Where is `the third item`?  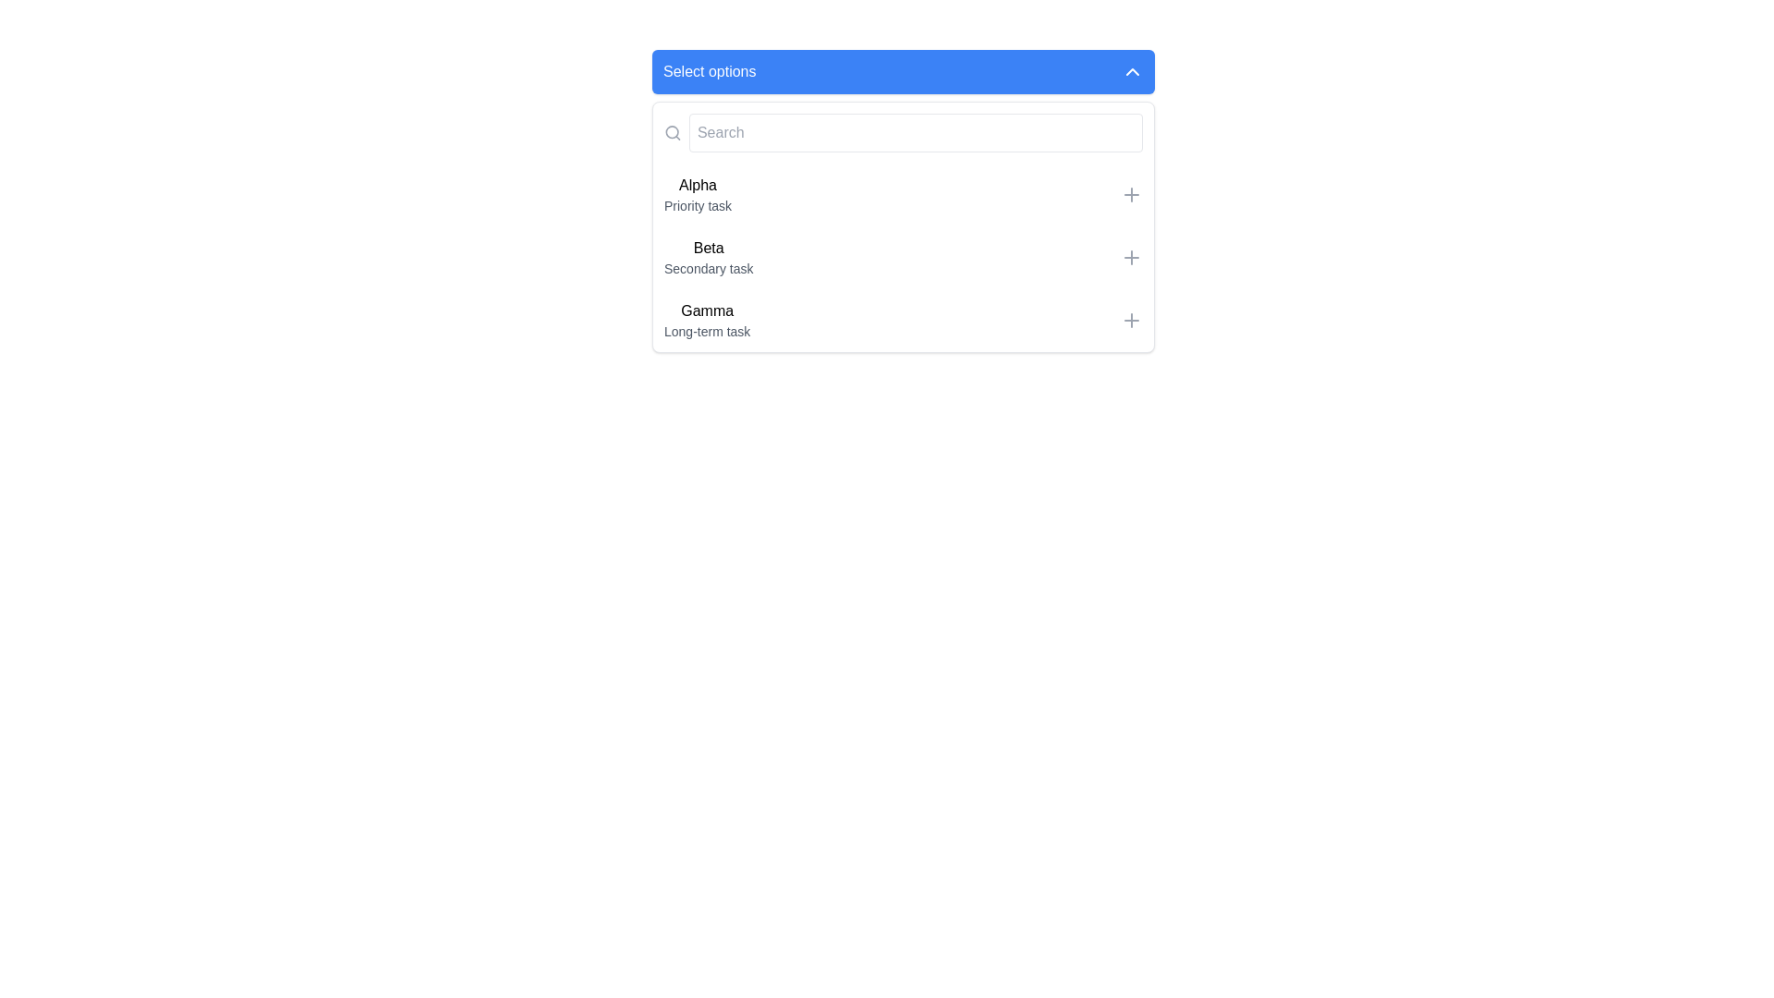
the third item is located at coordinates (706, 320).